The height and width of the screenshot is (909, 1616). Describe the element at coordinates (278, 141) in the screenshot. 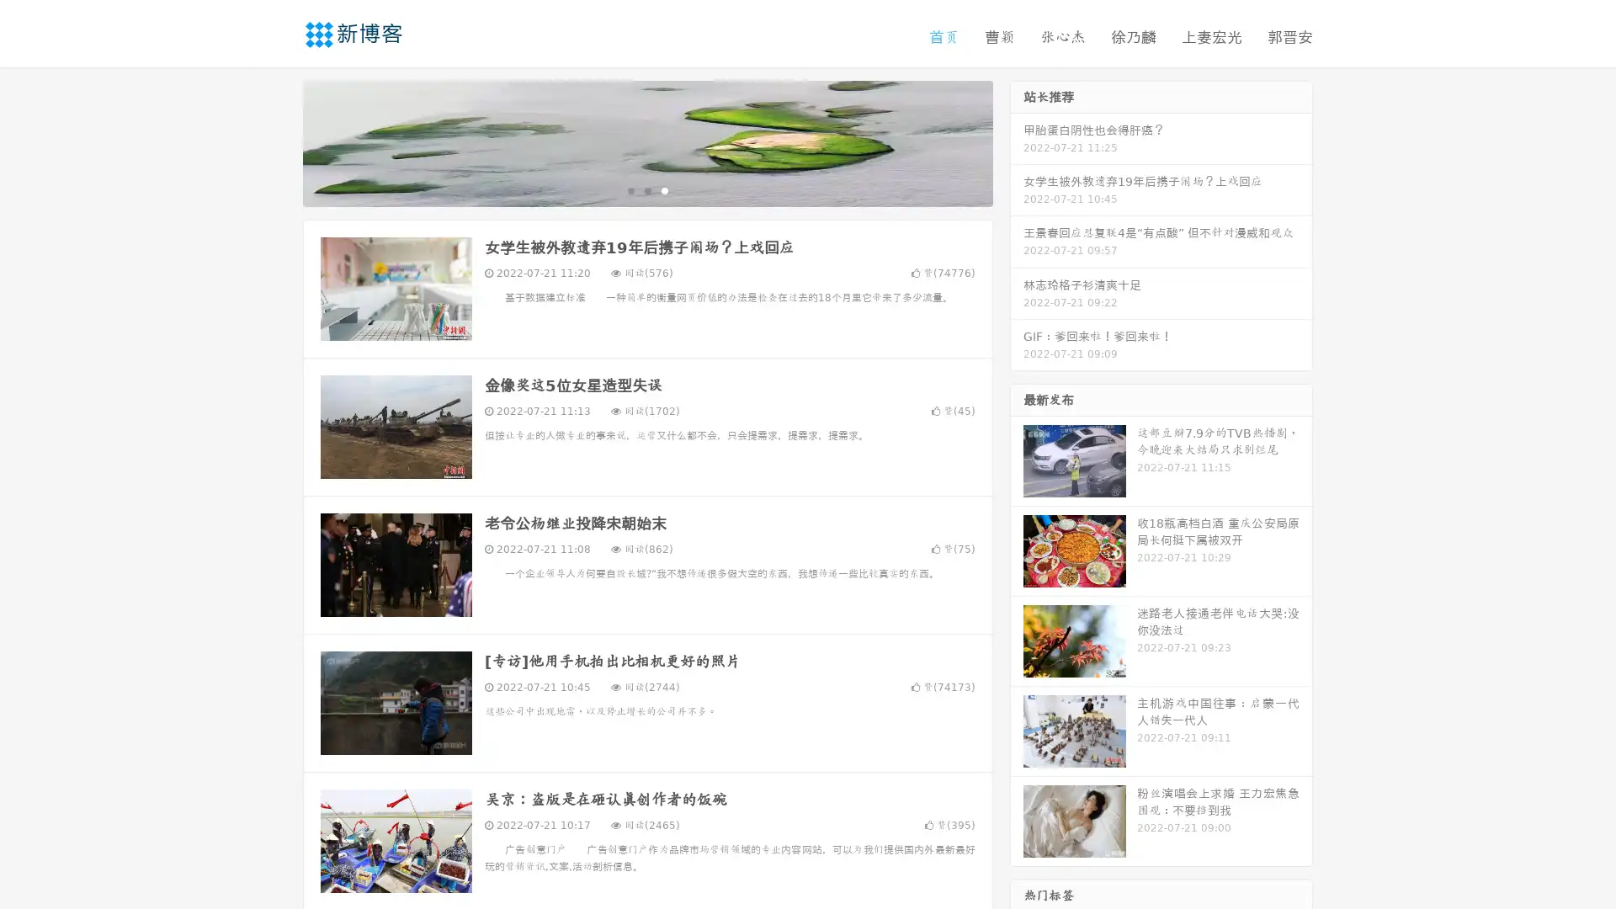

I see `Previous slide` at that location.